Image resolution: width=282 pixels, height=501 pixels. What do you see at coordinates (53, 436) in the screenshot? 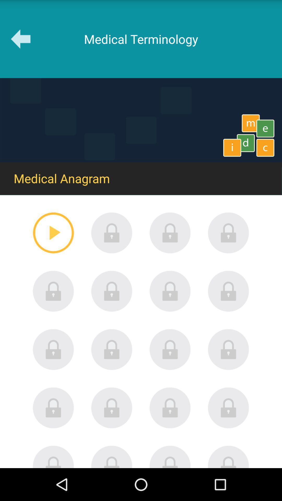
I see `the lock icon` at bounding box center [53, 436].